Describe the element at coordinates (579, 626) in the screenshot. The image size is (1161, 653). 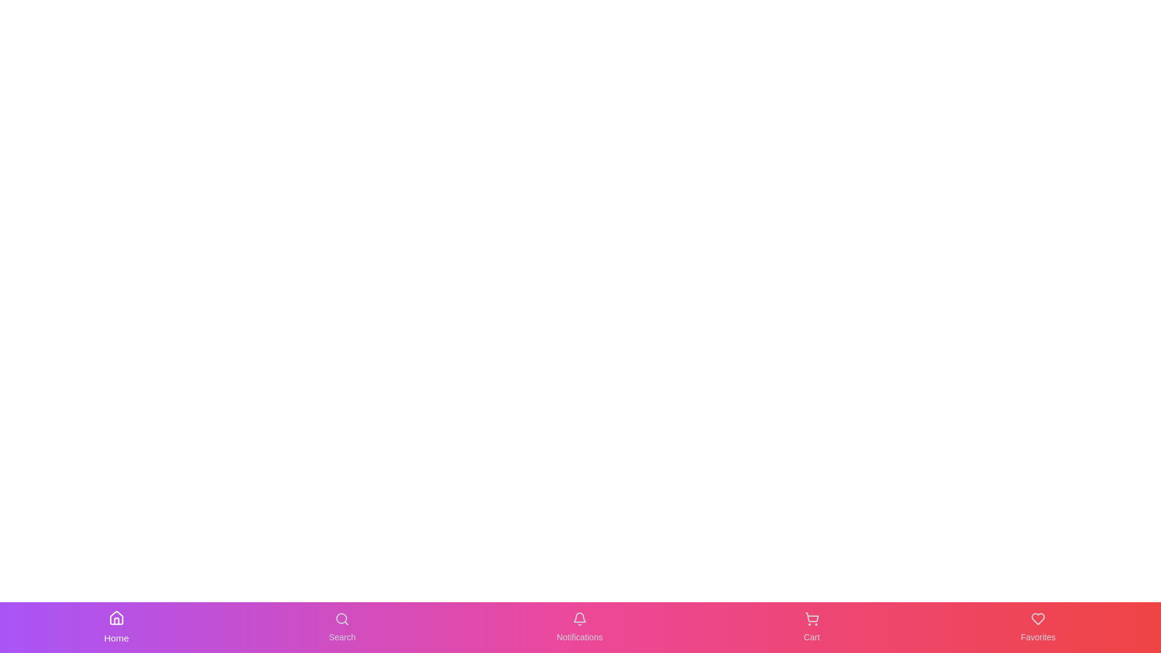
I see `the Notifications button in the navigation bar` at that location.